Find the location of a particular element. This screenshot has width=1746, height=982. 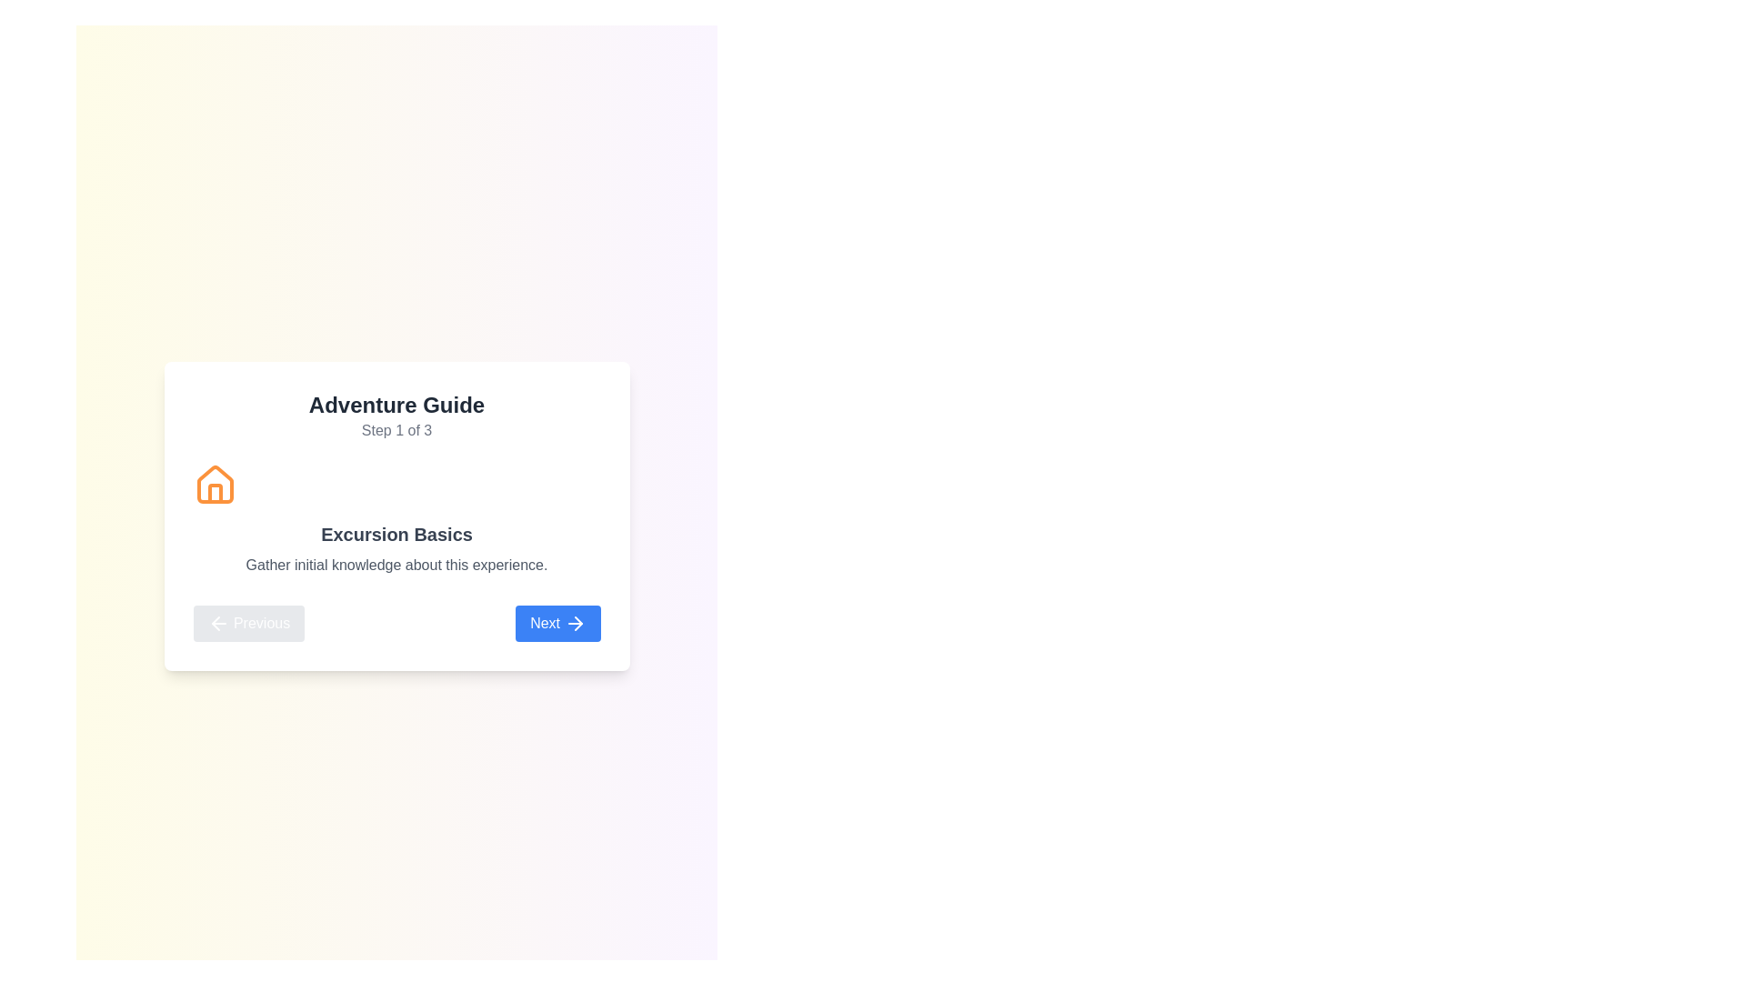

the button located at the bottom-right of the card layout is located at coordinates (557, 623).